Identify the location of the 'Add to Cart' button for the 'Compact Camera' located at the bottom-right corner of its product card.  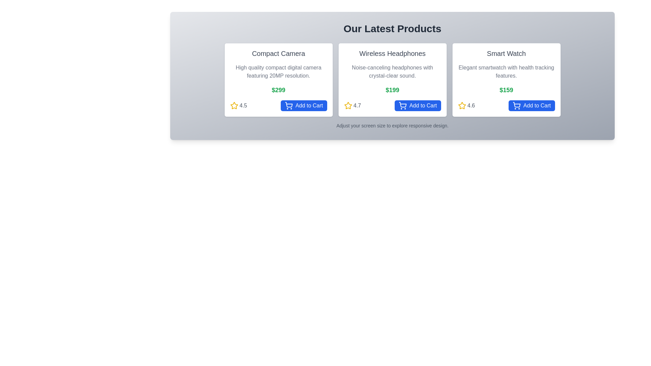
(303, 106).